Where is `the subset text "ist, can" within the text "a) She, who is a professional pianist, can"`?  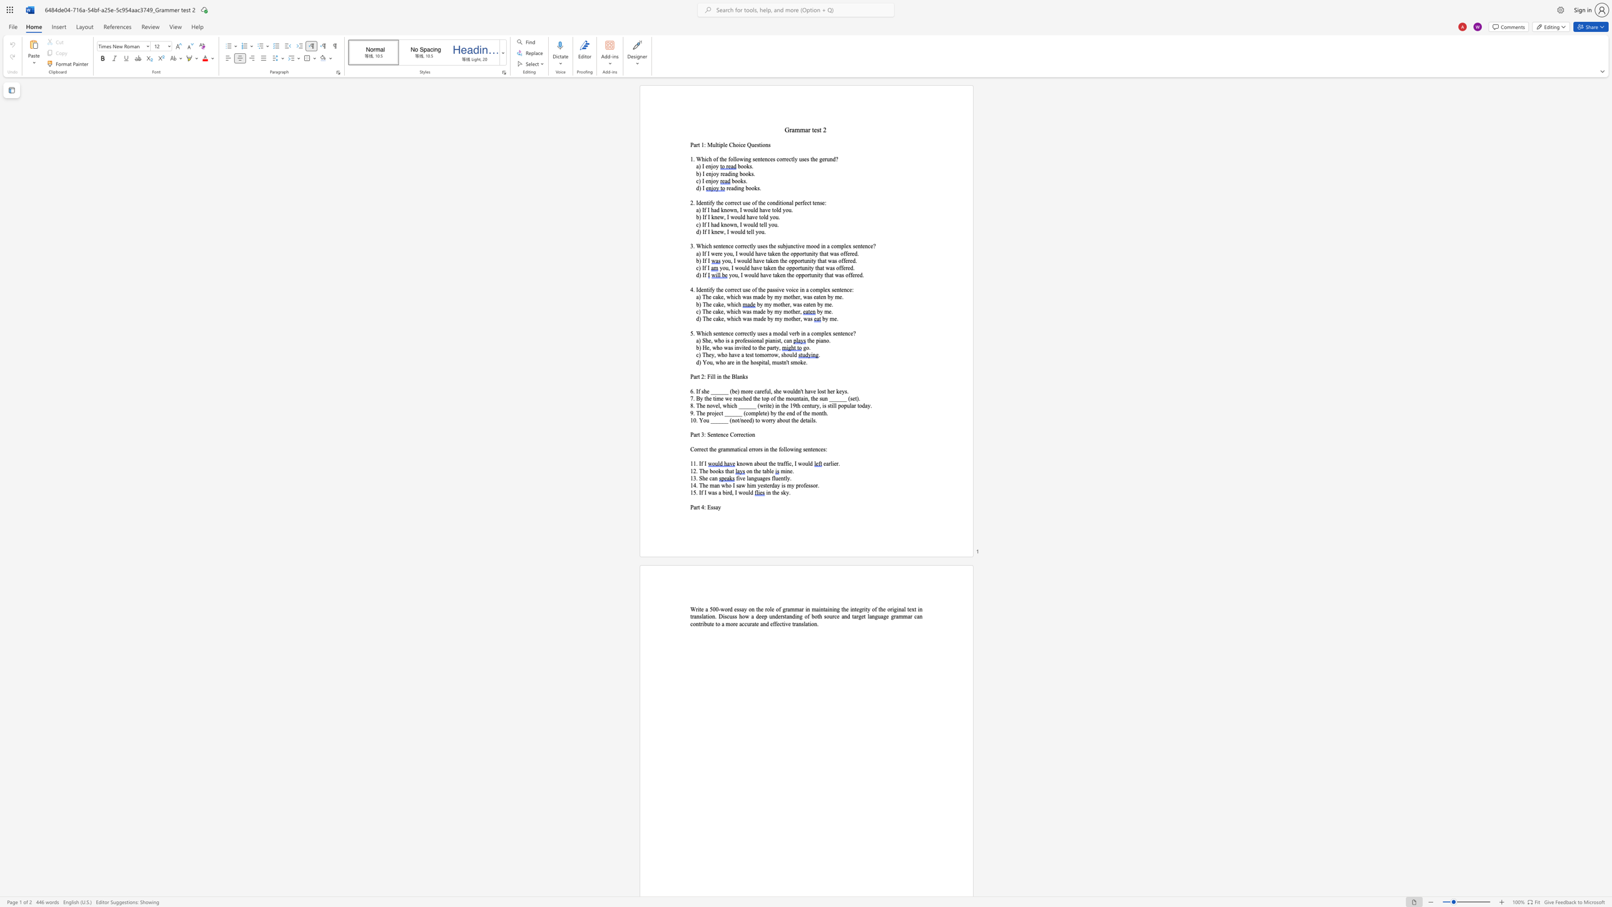
the subset text "ist, can" within the text "a) She, who is a professional pianist, can" is located at coordinates (775, 340).